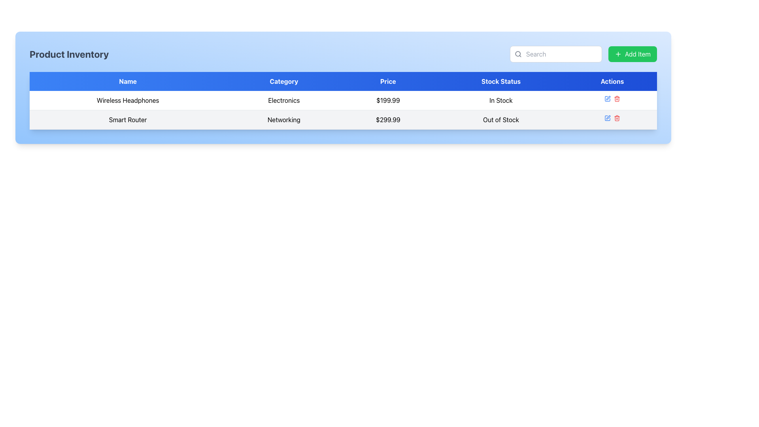 Image resolution: width=759 pixels, height=427 pixels. What do you see at coordinates (128, 100) in the screenshot?
I see `product name displayed in the Data cell element that shows 'Wireless Headphones' in the 'Name' column of the table, located in the first row` at bounding box center [128, 100].